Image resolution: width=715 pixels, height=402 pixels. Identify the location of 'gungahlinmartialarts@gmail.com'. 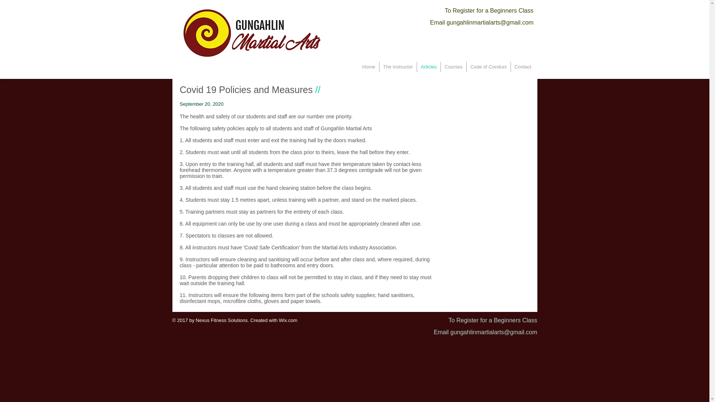
(490, 22).